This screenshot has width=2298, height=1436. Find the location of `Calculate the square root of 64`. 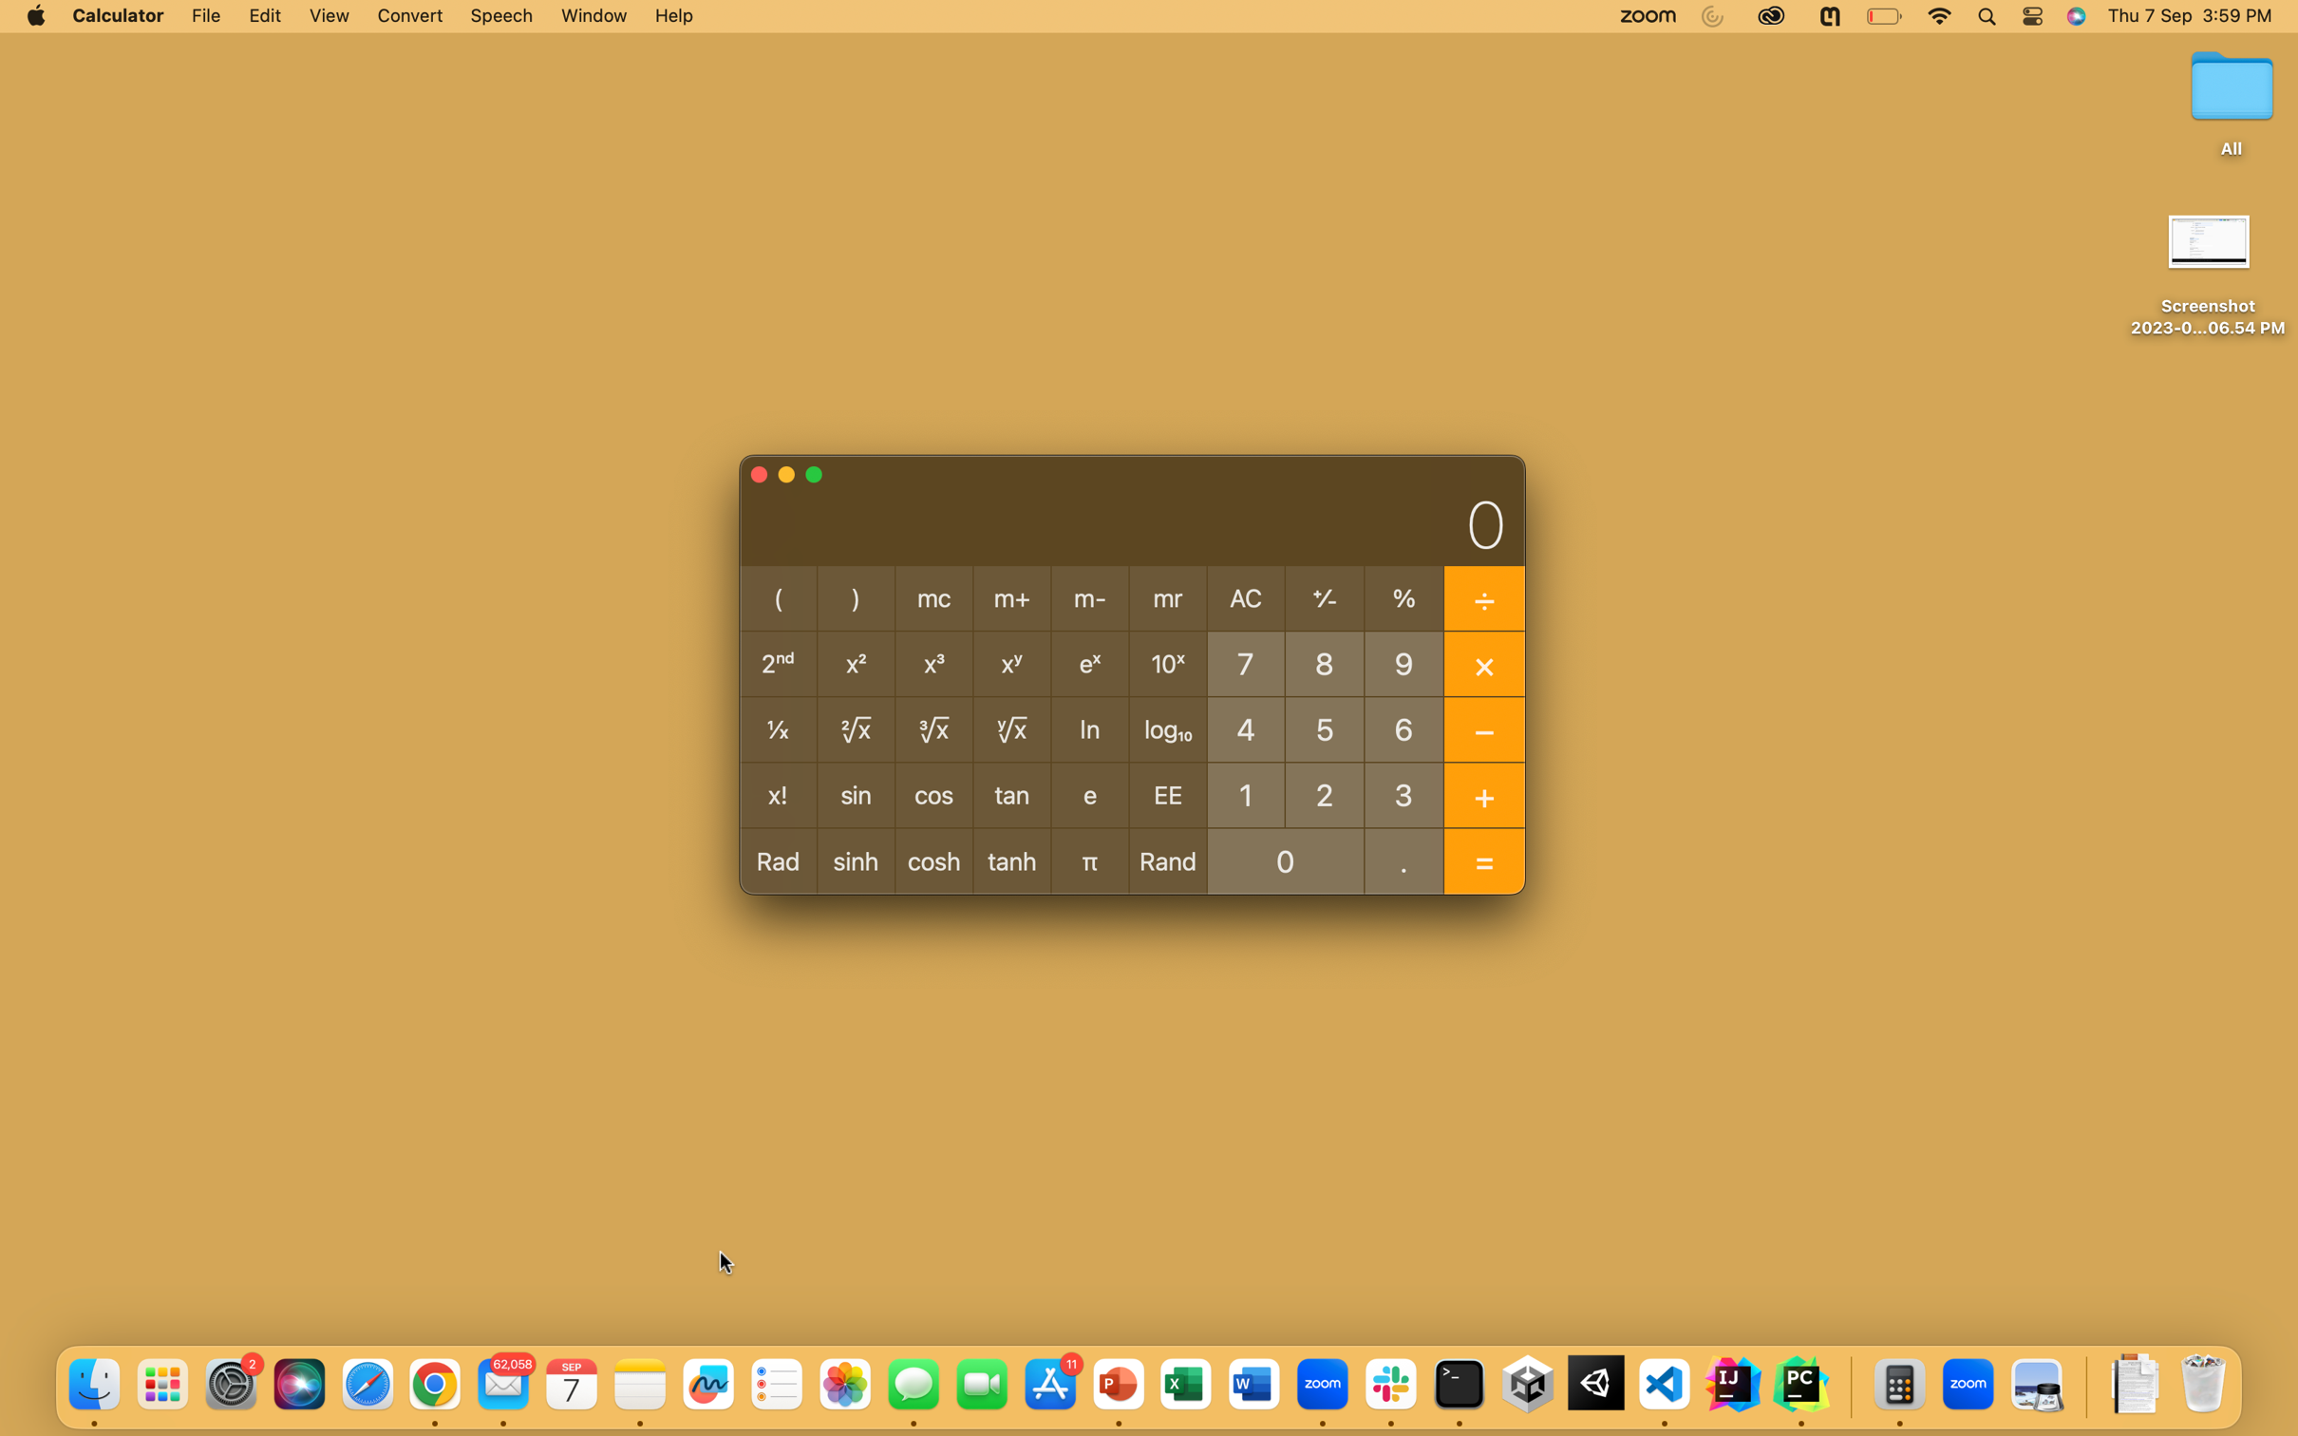

Calculate the square root of 64 is located at coordinates (1403, 728).